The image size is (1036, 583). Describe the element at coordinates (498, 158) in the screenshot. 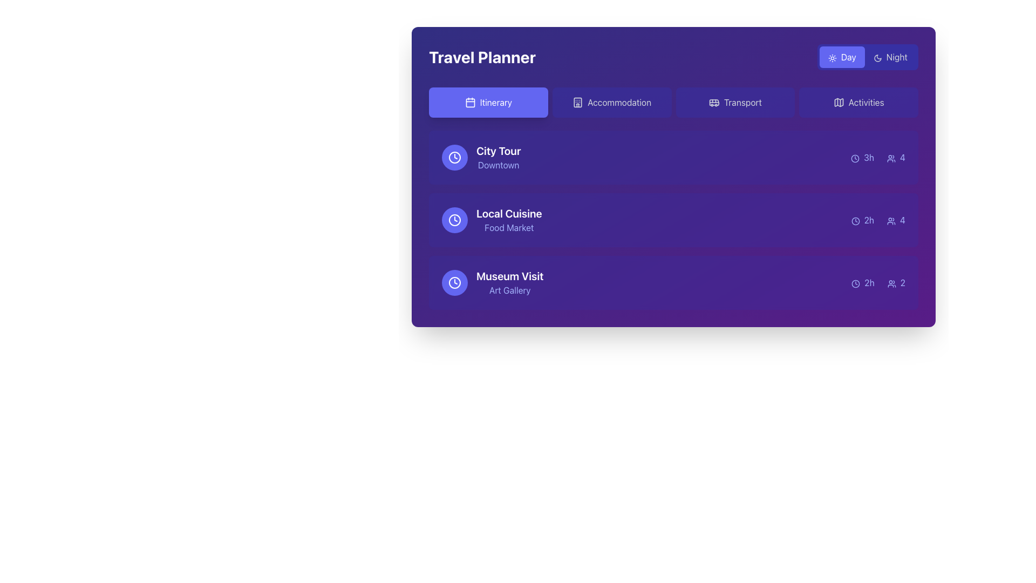

I see `contents of the text label titled 'City Tour' located in the Itinerary section of the Travel Planner interface, positioned to the right of the clock icon` at that location.